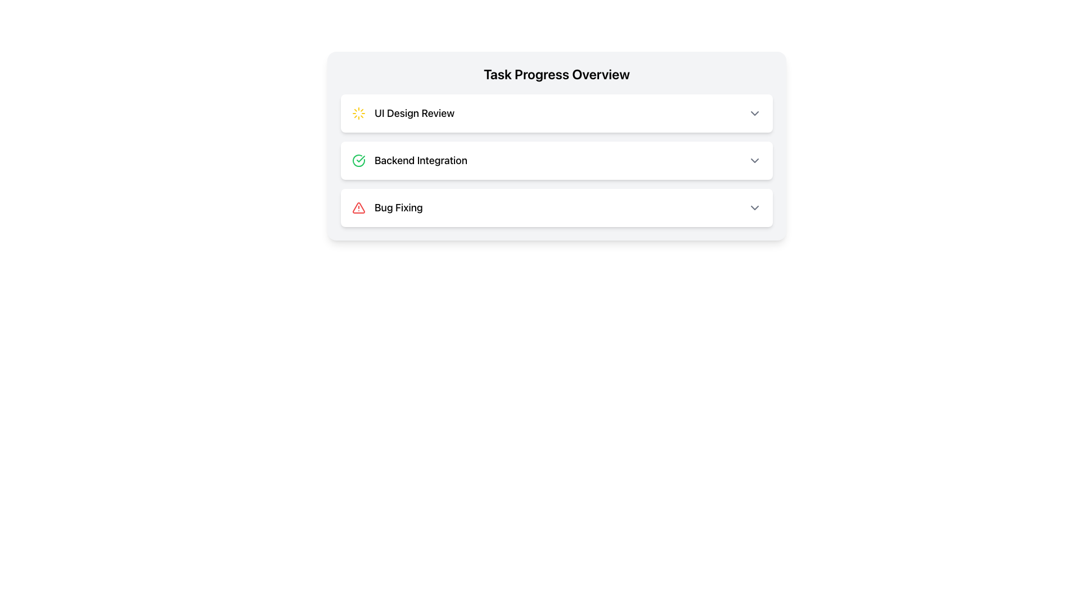 The height and width of the screenshot is (607, 1080). Describe the element at coordinates (387, 208) in the screenshot. I see `the 'Bug Fixing' label with the alert triangle icon, which is located in the third row under the 'Task Progress Overview' heading, to focus on it` at that location.